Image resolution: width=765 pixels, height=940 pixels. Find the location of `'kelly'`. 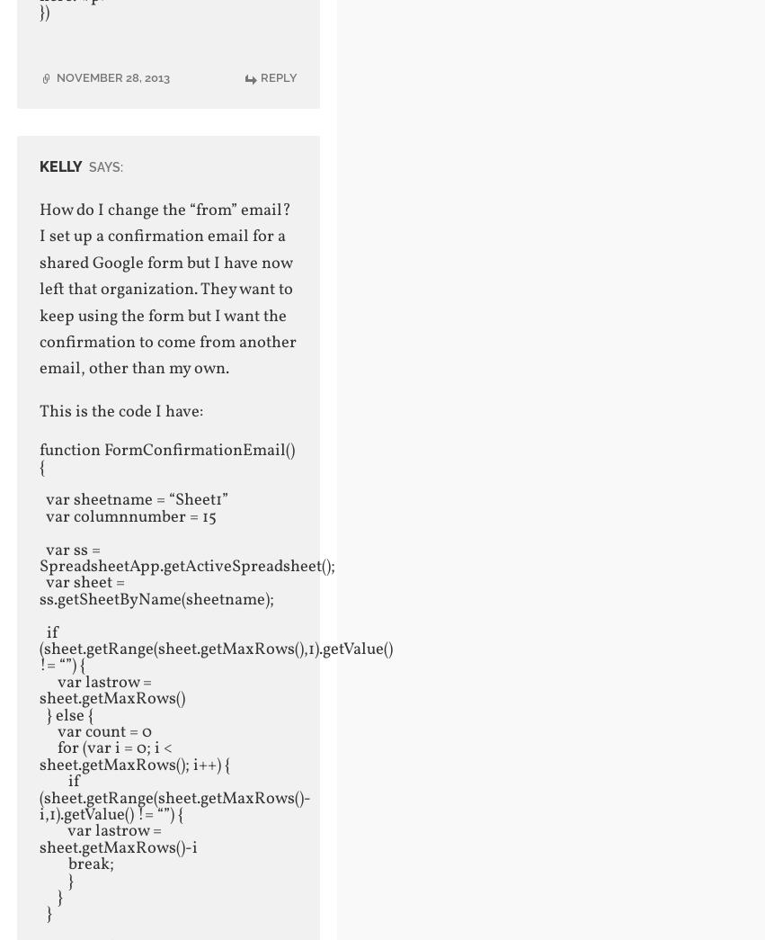

'kelly' is located at coordinates (38, 166).